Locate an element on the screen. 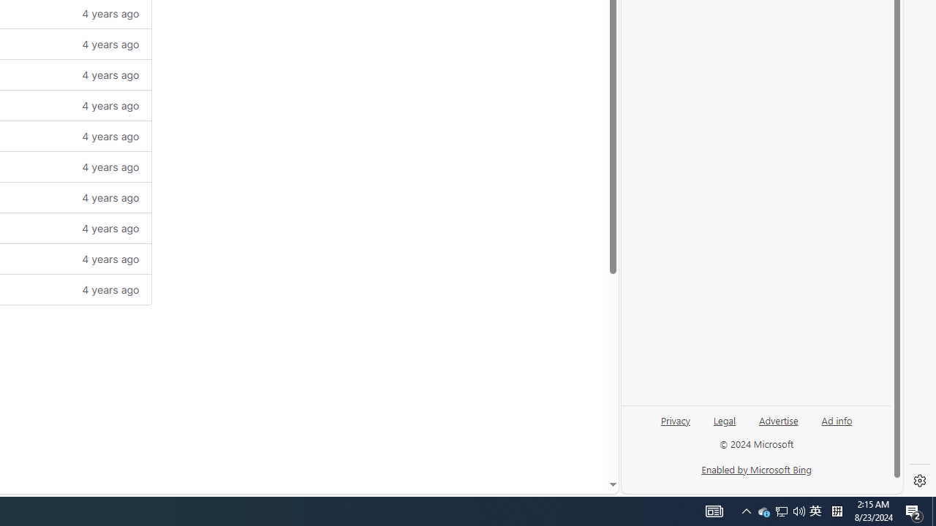 This screenshot has width=936, height=526. 'Legal' is located at coordinates (724, 426).